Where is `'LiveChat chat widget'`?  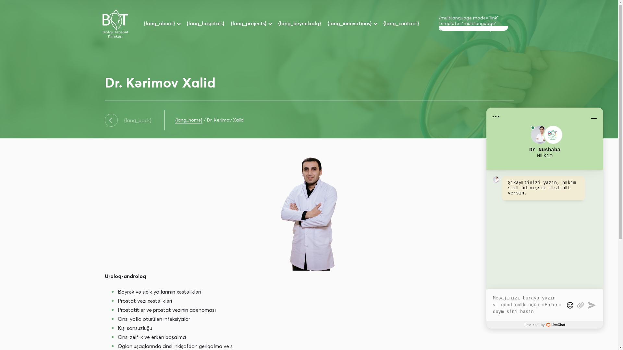 'LiveChat chat widget' is located at coordinates (545, 218).